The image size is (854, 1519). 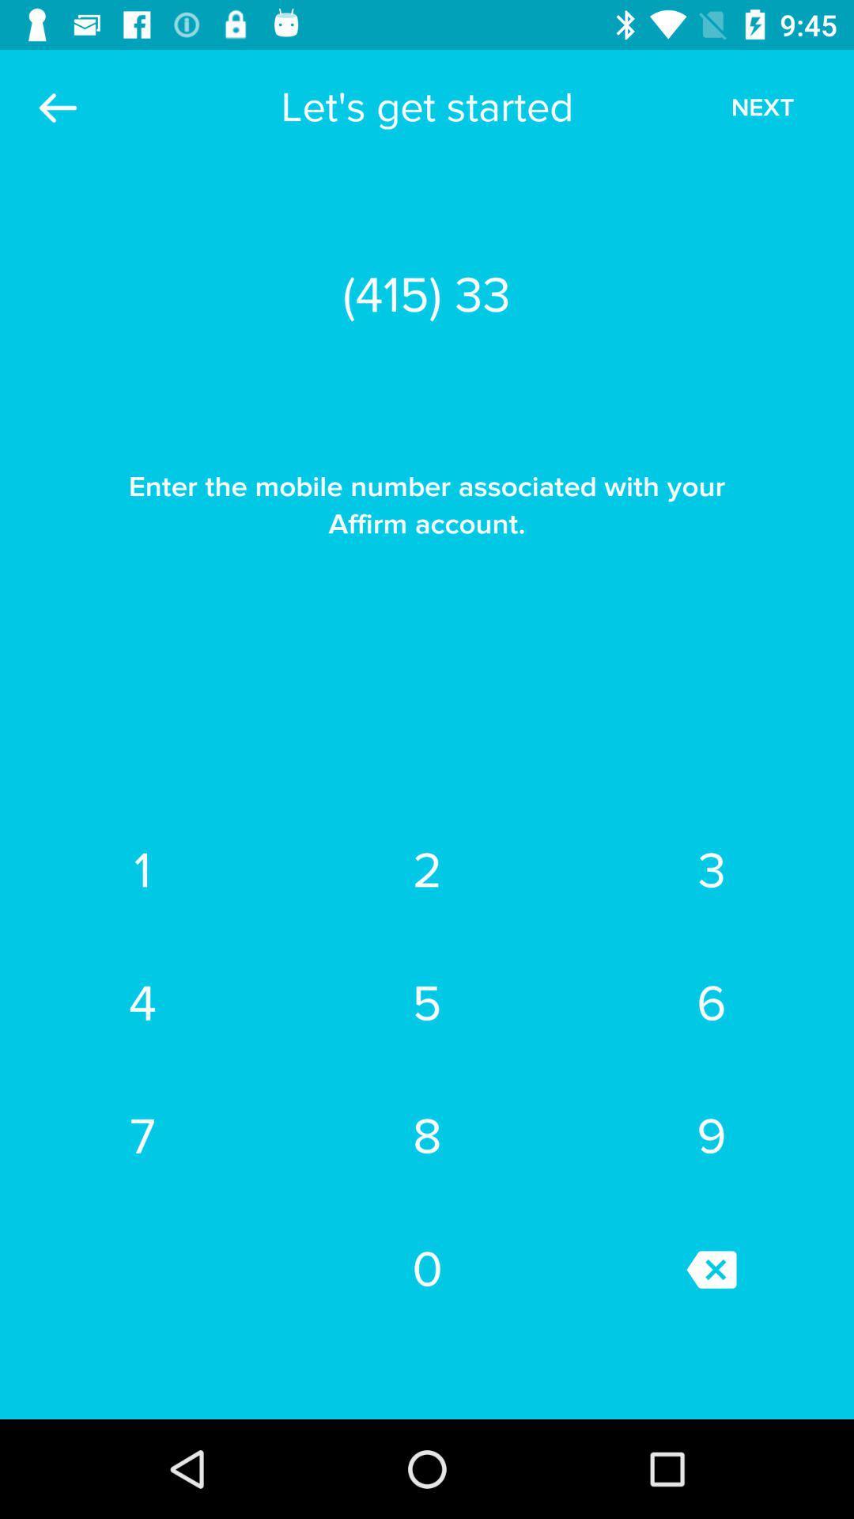 What do you see at coordinates (57, 107) in the screenshot?
I see `the icon at the top left corner` at bounding box center [57, 107].